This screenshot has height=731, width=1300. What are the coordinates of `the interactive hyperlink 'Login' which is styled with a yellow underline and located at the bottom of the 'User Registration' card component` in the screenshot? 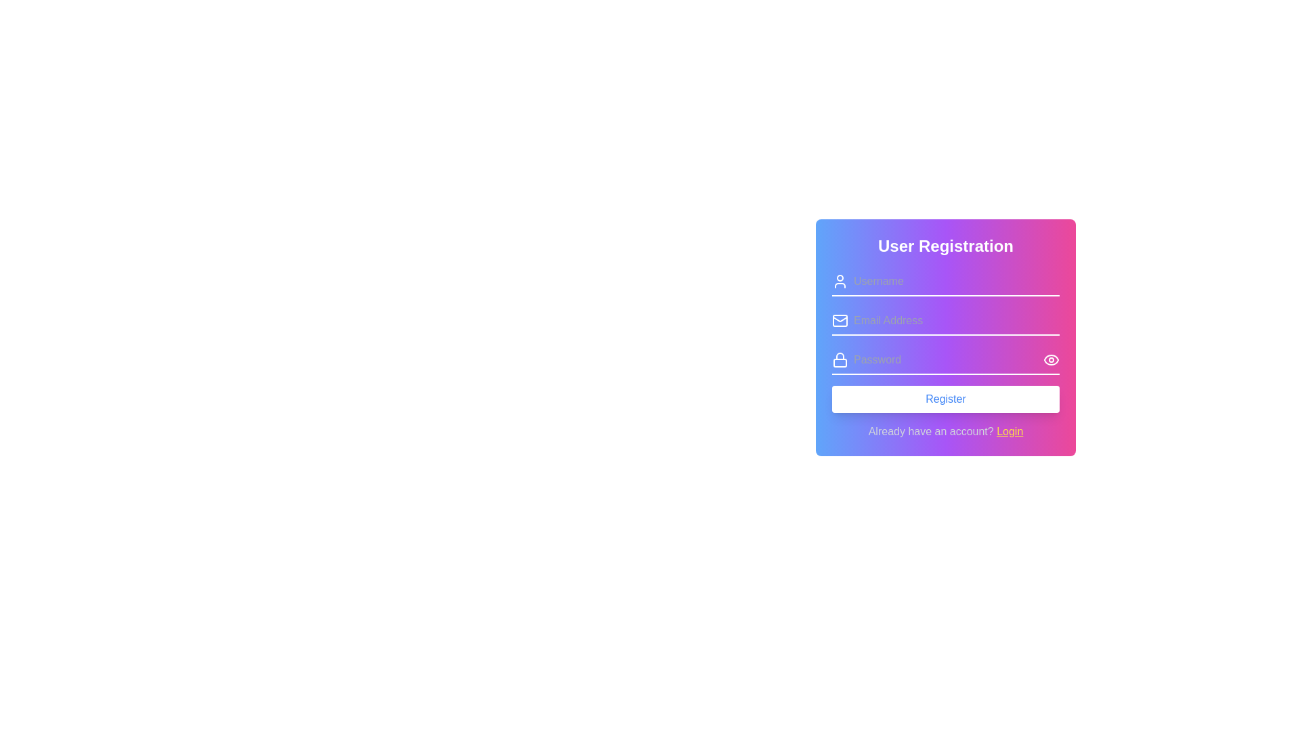 It's located at (945, 431).